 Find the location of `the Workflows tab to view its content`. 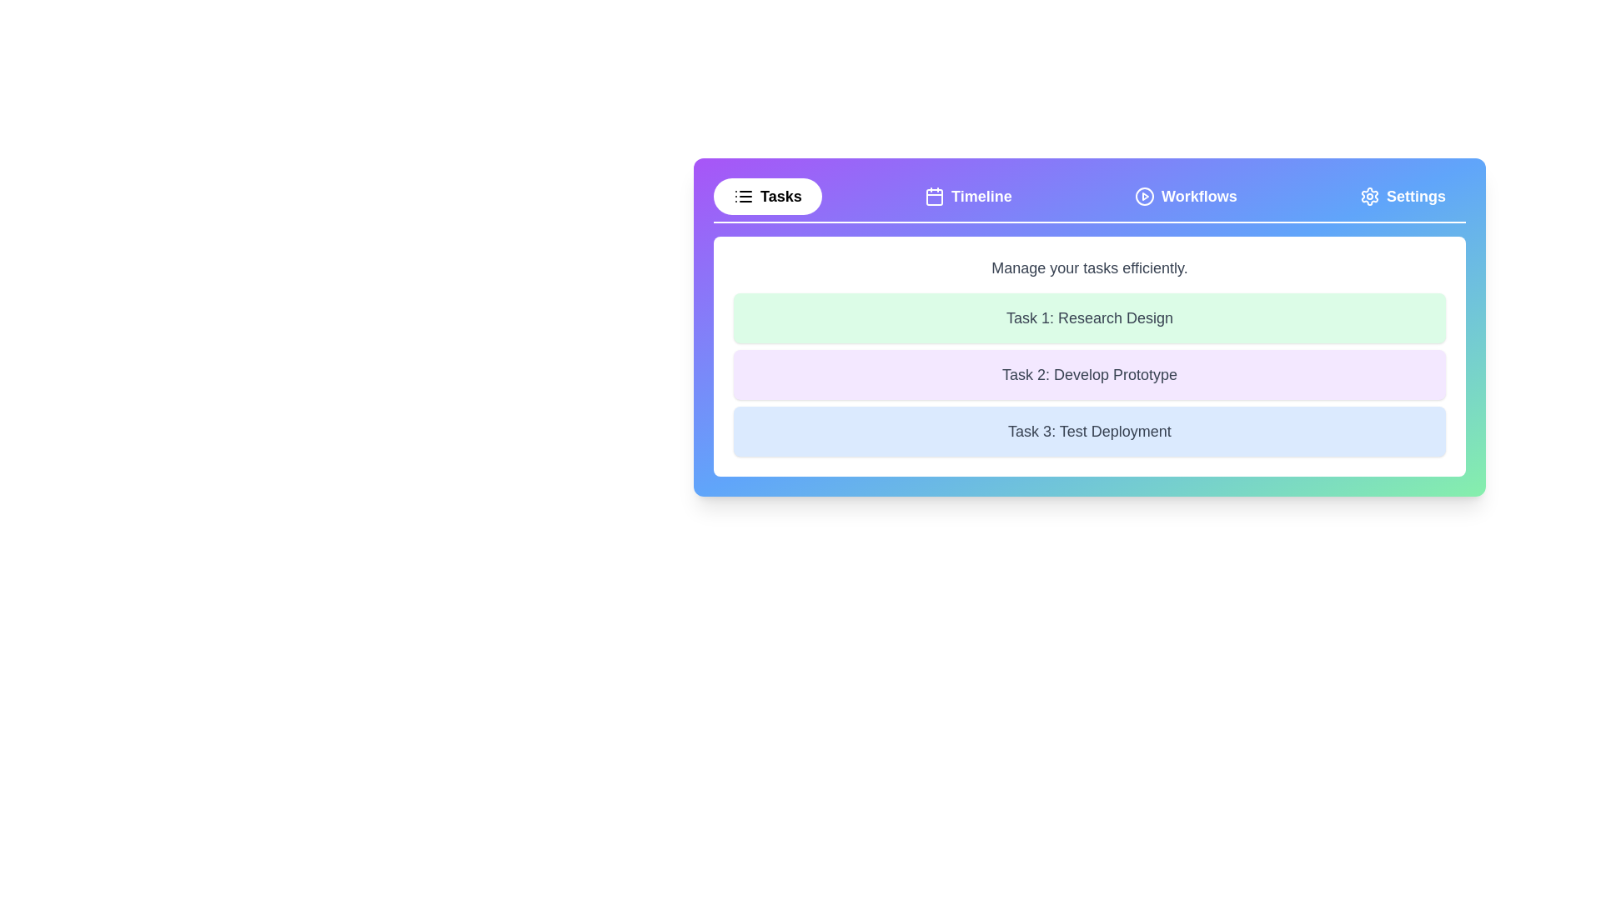

the Workflows tab to view its content is located at coordinates (1184, 195).